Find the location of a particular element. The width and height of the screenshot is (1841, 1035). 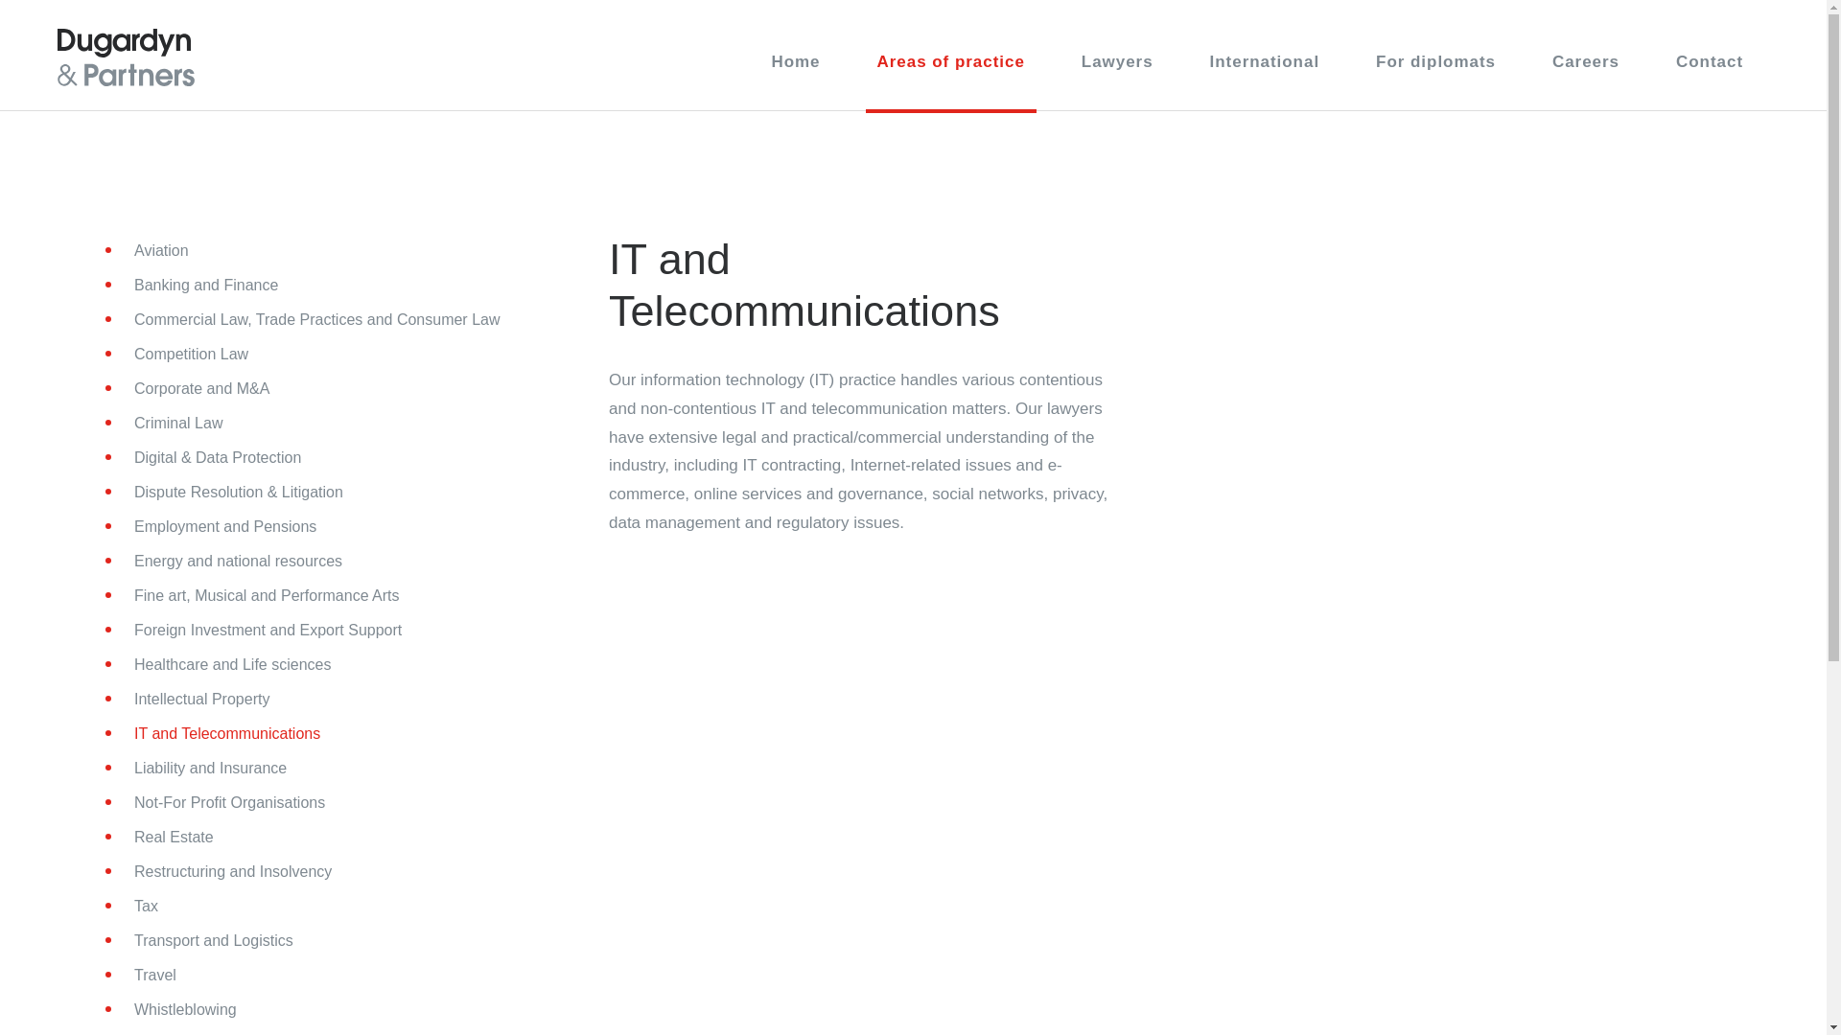

'Lawyers' is located at coordinates (1117, 68).